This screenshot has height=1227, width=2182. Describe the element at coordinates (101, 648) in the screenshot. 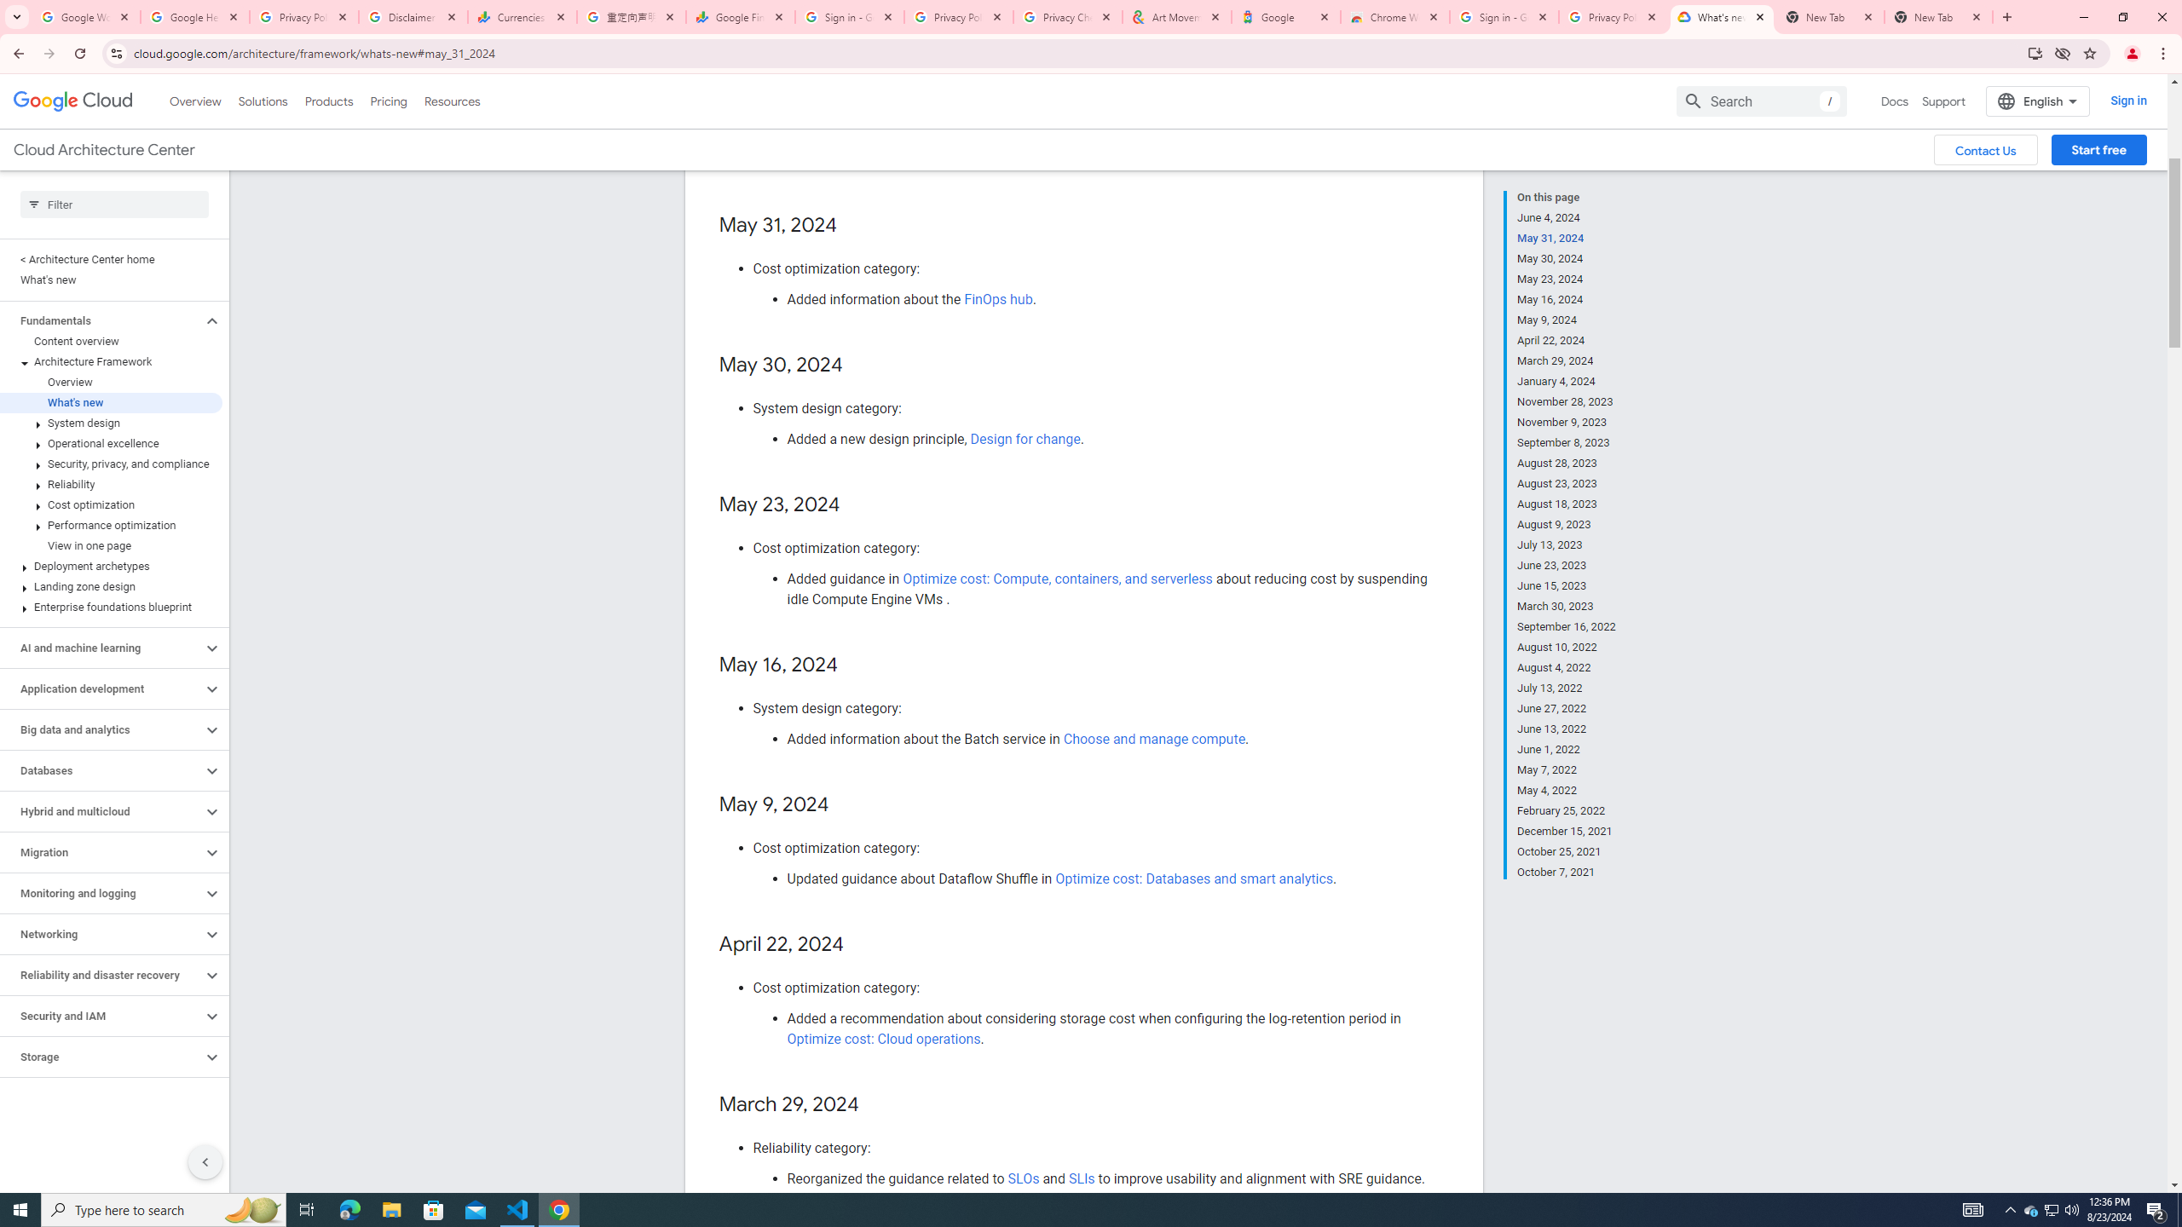

I see `'AI and machine learning'` at that location.